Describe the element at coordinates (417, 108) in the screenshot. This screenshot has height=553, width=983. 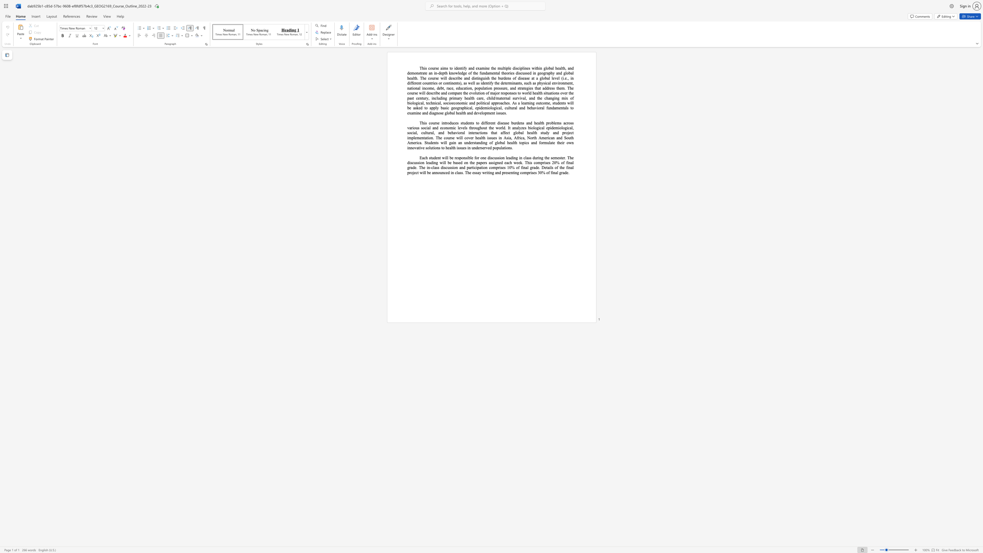
I see `the 1th character "k" in the text` at that location.